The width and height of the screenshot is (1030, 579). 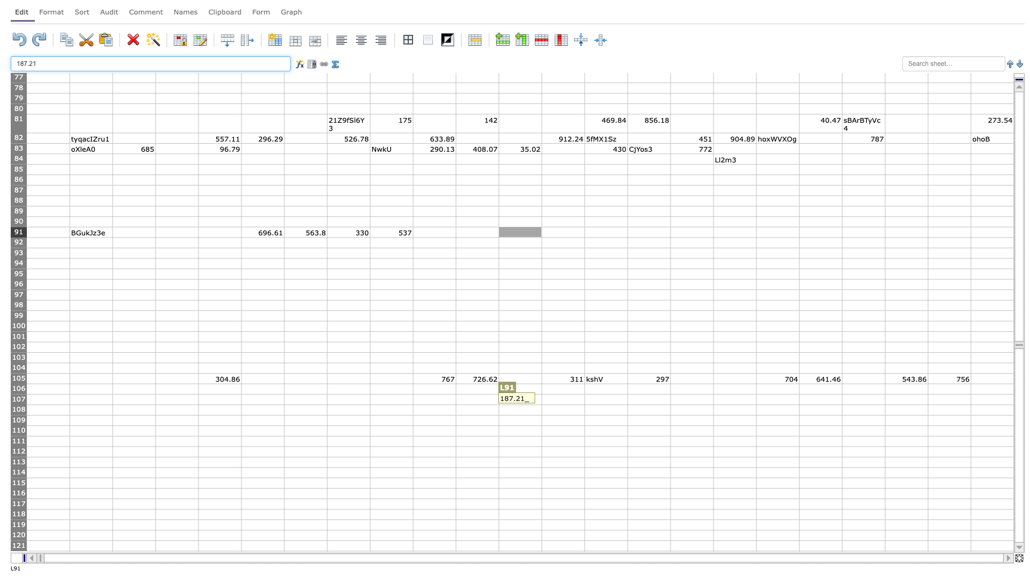 I want to click on right edge of cell M107, so click(x=584, y=399).